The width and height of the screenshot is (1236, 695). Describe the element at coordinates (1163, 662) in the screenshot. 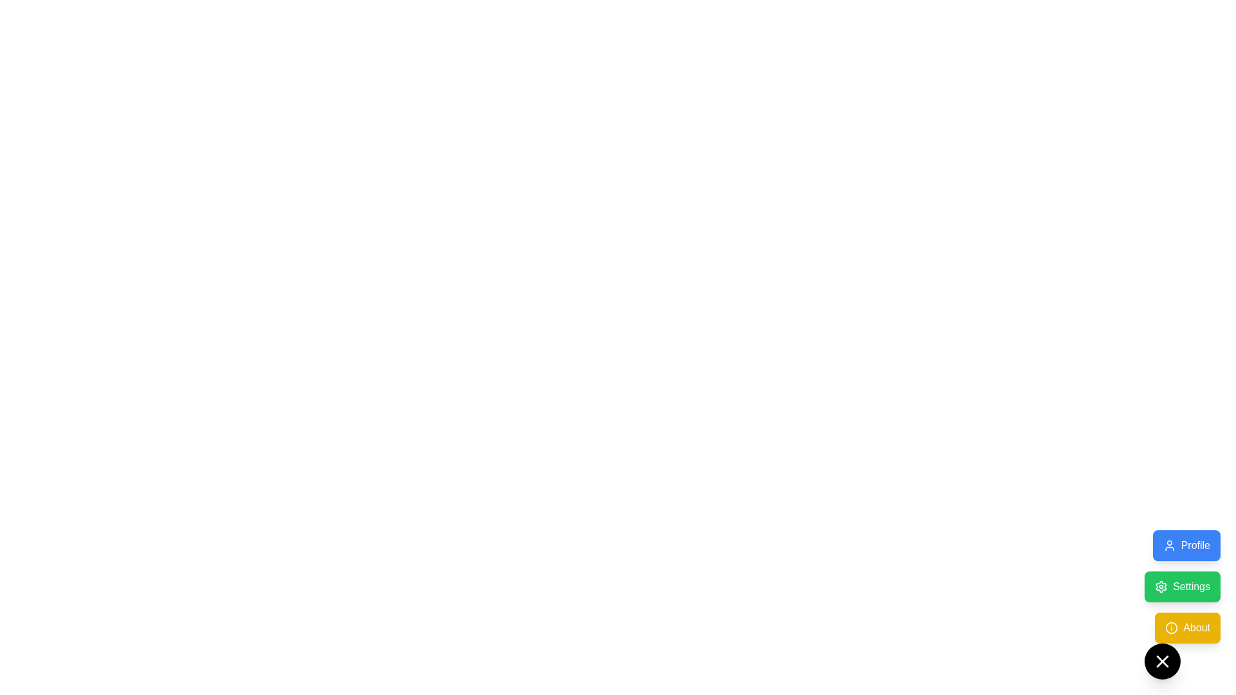

I see `the white 'X' icon button with a black circular background located at the bottom-right corner of the button stack` at that location.